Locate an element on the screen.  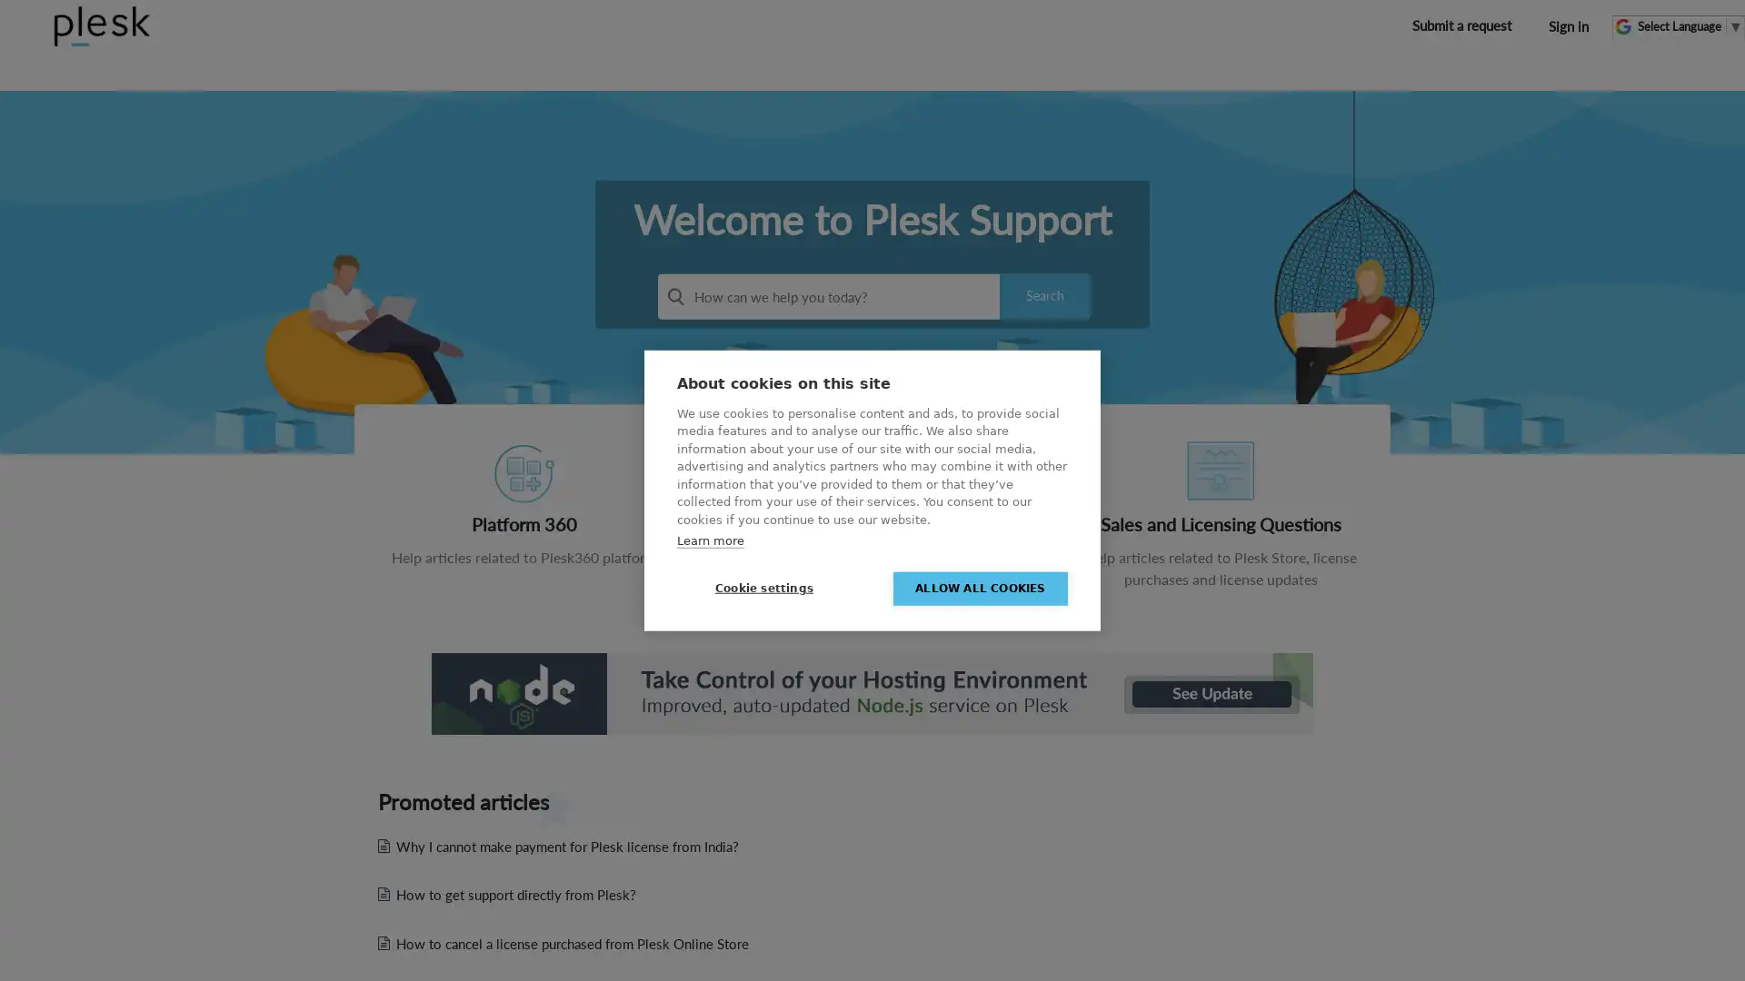
Cookie settings is located at coordinates (763, 588).